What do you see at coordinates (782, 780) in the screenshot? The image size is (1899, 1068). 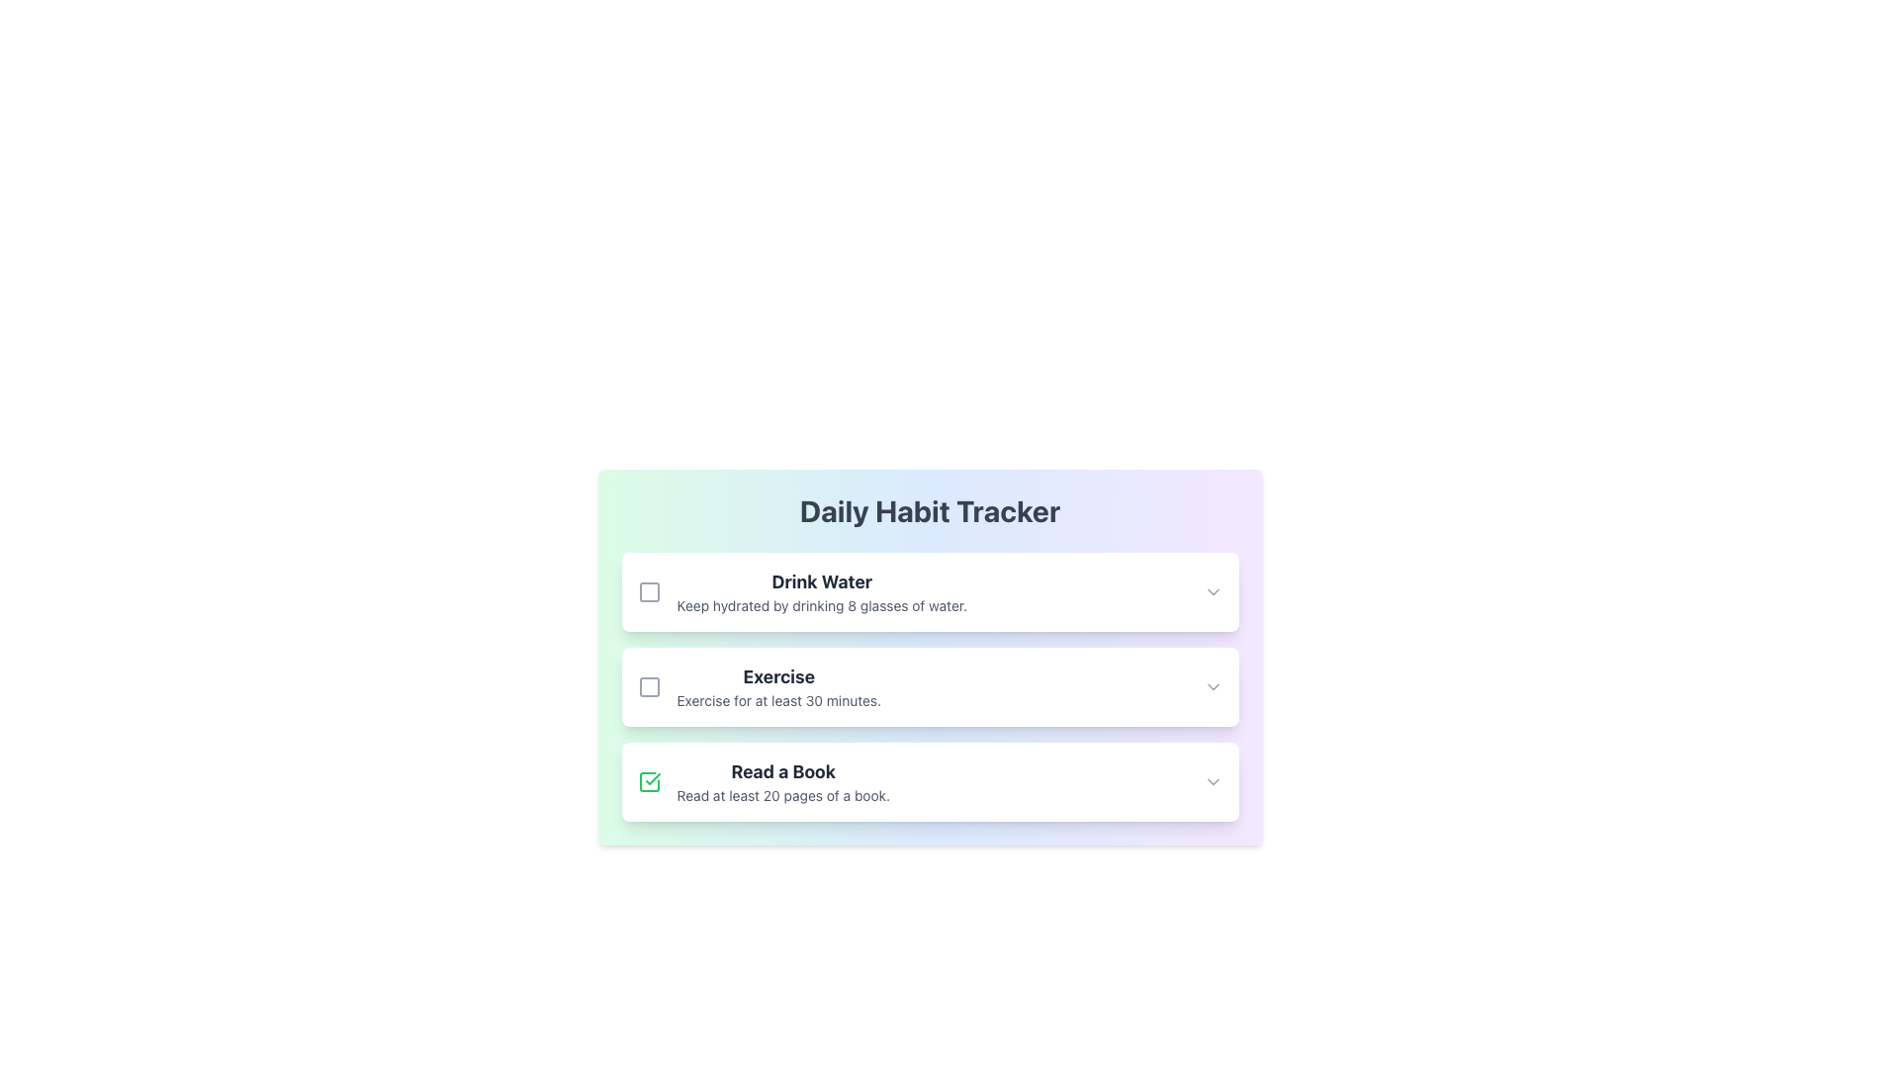 I see `the third text label in the habit tracker application that describes a specific goal or activity, positioned between the 'Exercise' item and subsequent items` at bounding box center [782, 780].